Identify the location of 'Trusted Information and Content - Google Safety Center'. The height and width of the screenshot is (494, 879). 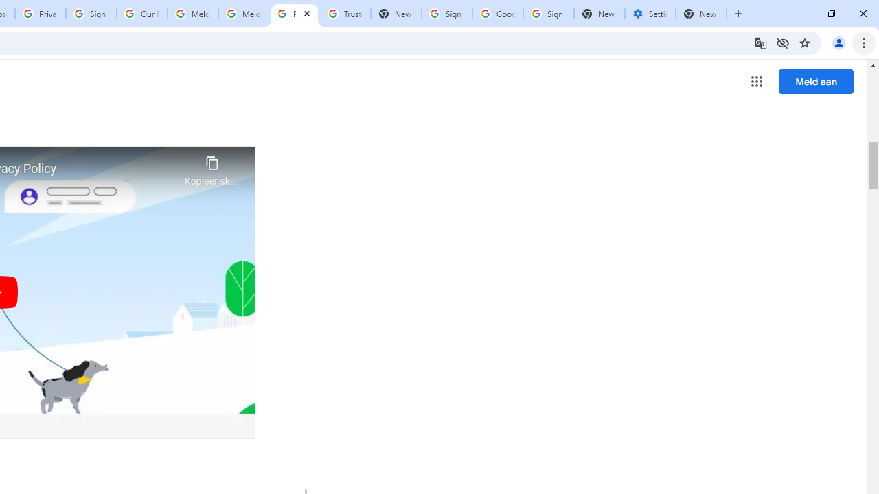
(345, 14).